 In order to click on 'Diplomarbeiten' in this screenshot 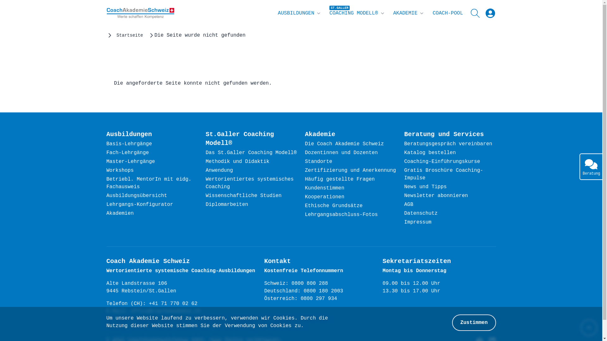, I will do `click(226, 205)`.